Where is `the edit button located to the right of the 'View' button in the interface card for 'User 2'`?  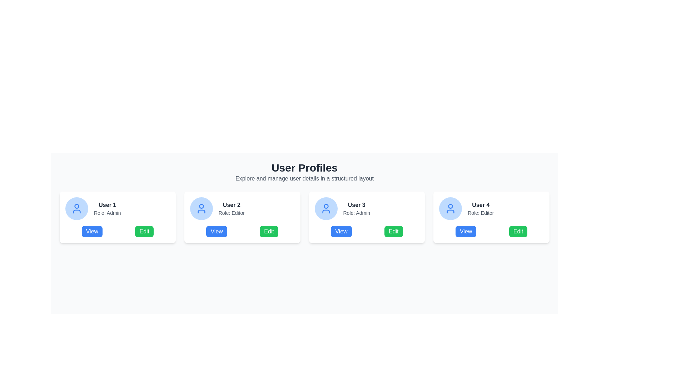 the edit button located to the right of the 'View' button in the interface card for 'User 2' is located at coordinates (269, 232).